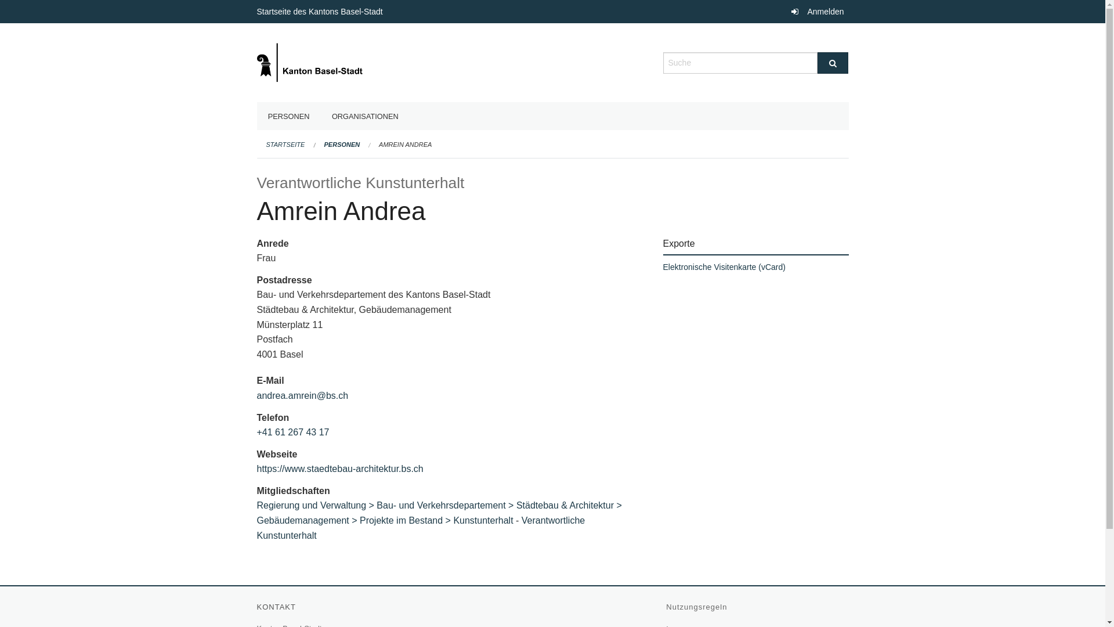  What do you see at coordinates (302, 395) in the screenshot?
I see `'andrea.amrein@bs.ch'` at bounding box center [302, 395].